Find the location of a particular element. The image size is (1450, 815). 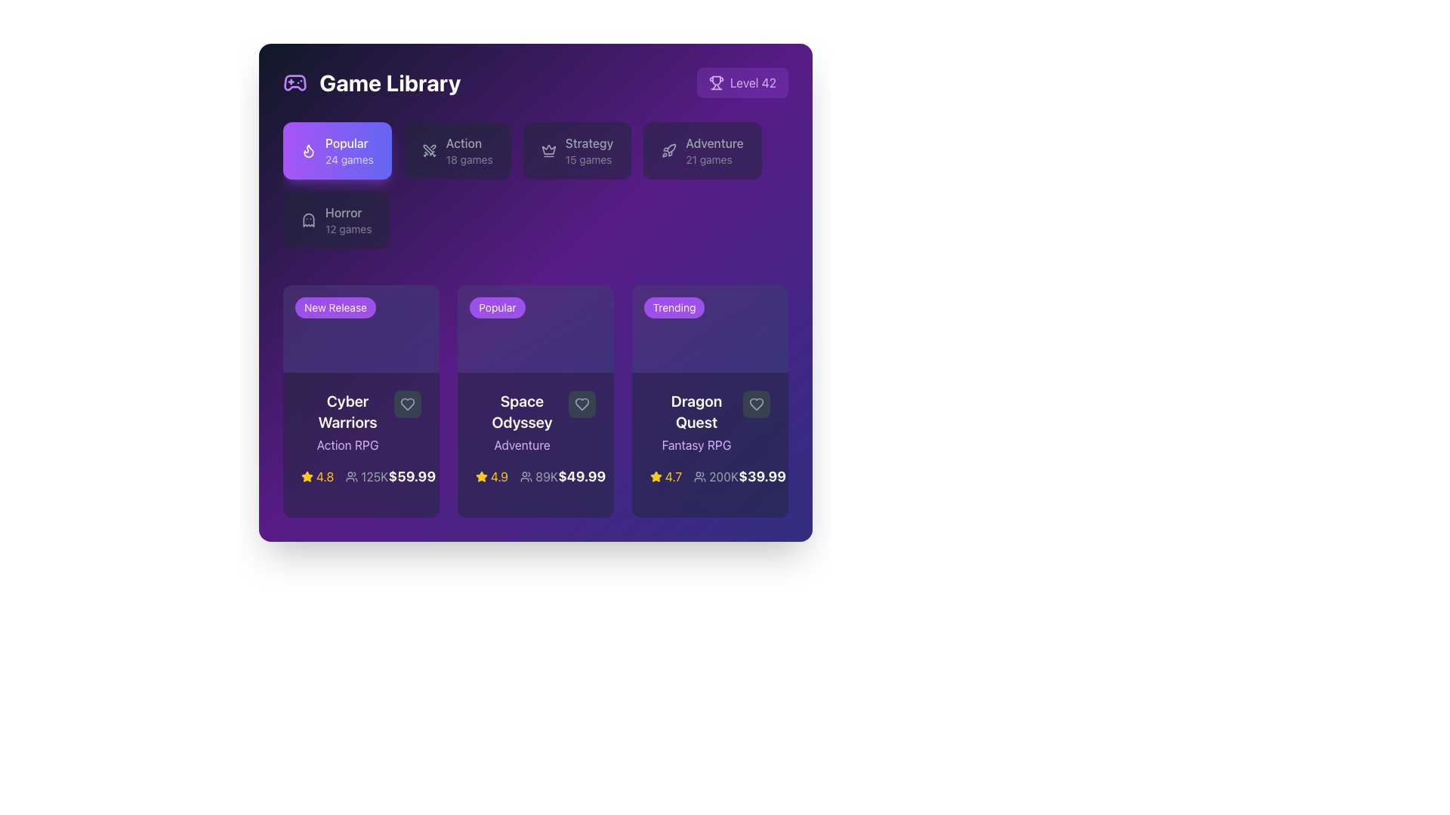

the numeric text element displaying '4.7' in bold yellow font, located under the label 'Dragon Quest' and near the yellow star rating icon, for accessibility purposes is located at coordinates (673, 477).